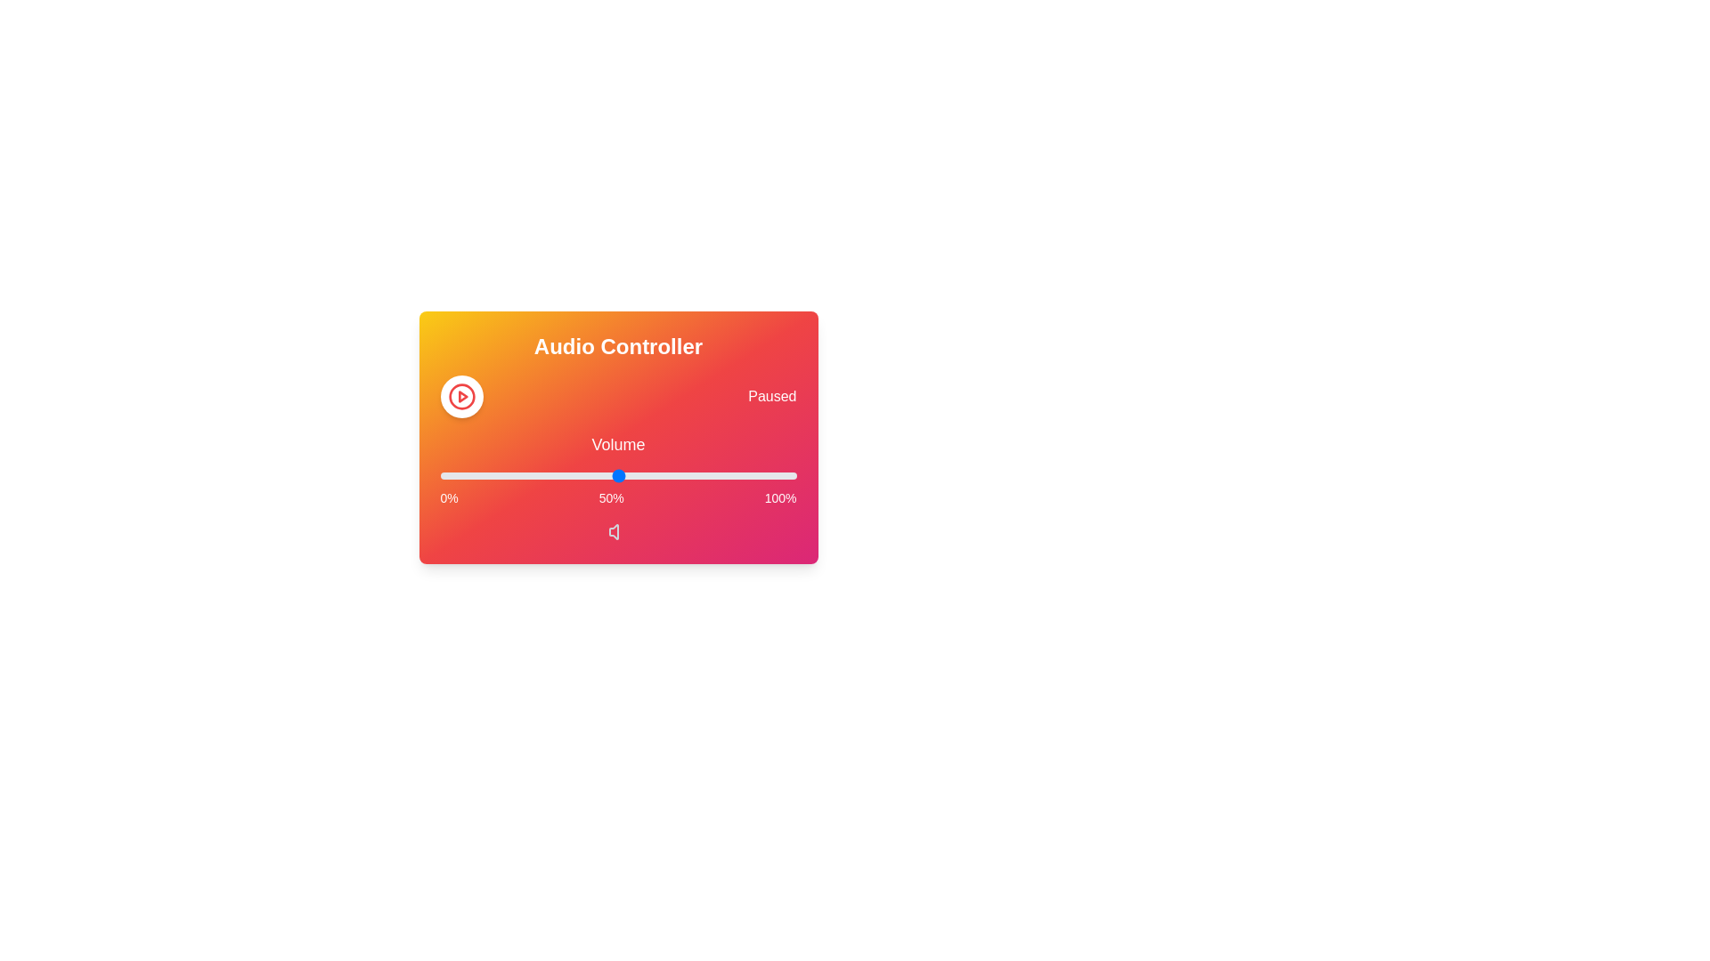  I want to click on the volume slider to 10%, so click(476, 475).